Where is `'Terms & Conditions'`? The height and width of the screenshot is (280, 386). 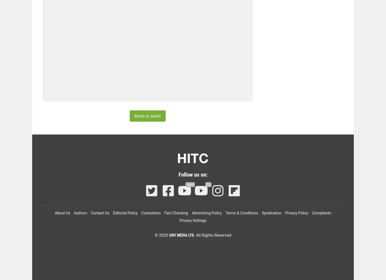 'Terms & Conditions' is located at coordinates (225, 213).